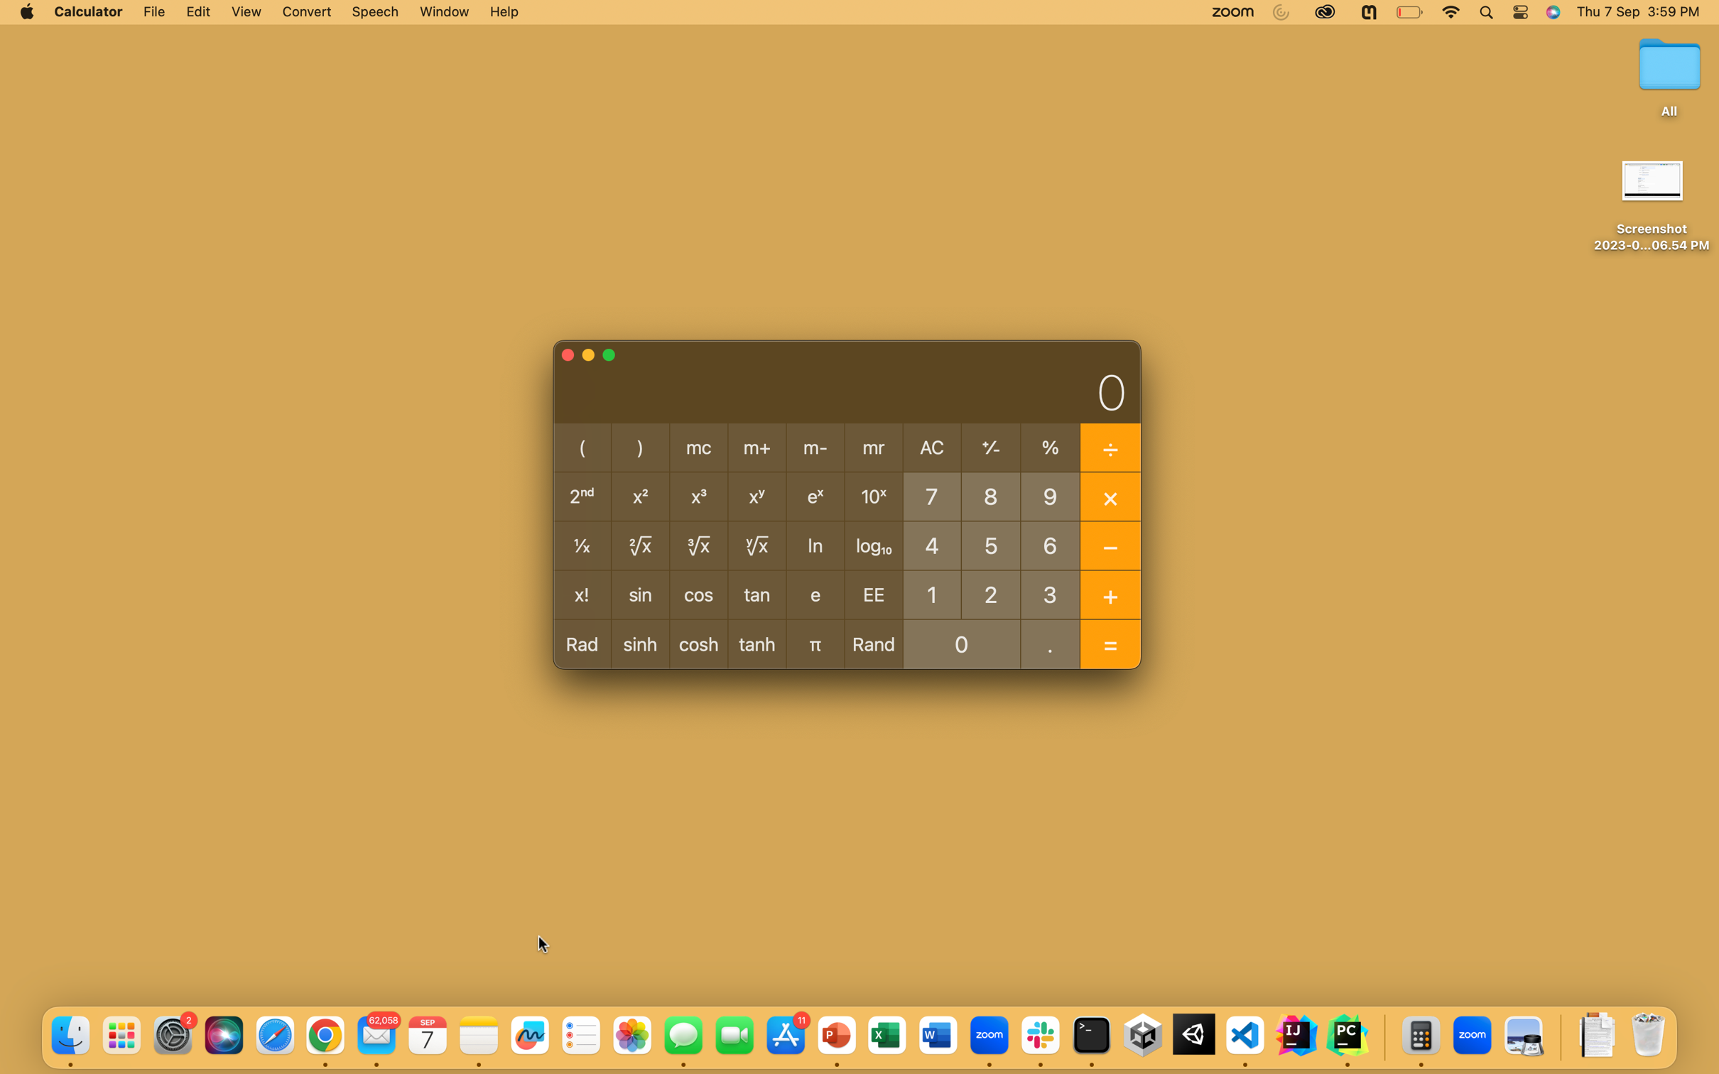 The width and height of the screenshot is (1719, 1074). I want to click on the logarithm to the base 10 of 100, so click(931, 593).